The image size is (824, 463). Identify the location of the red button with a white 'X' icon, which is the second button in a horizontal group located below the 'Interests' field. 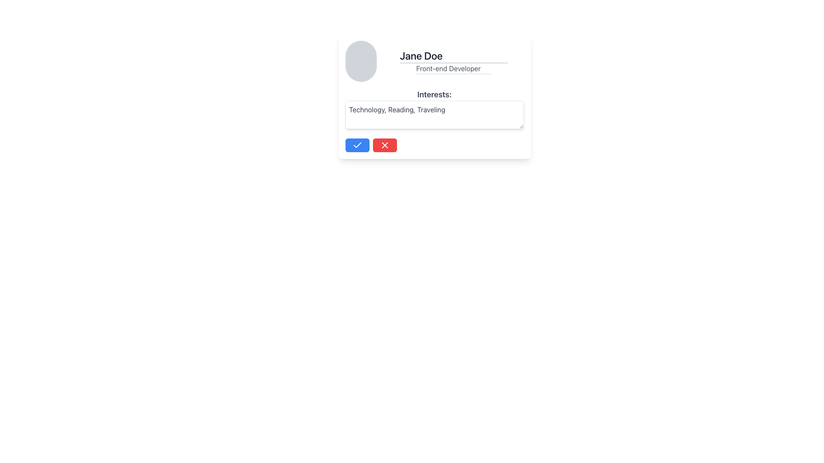
(384, 145).